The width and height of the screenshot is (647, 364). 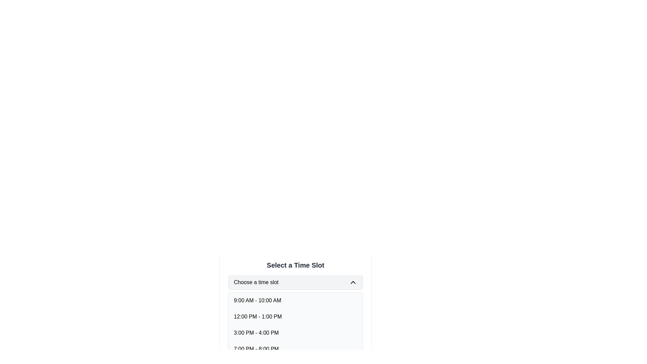 I want to click on the first listed time slot in the dropdown menu titled 'Choose a time slot', so click(x=257, y=300).